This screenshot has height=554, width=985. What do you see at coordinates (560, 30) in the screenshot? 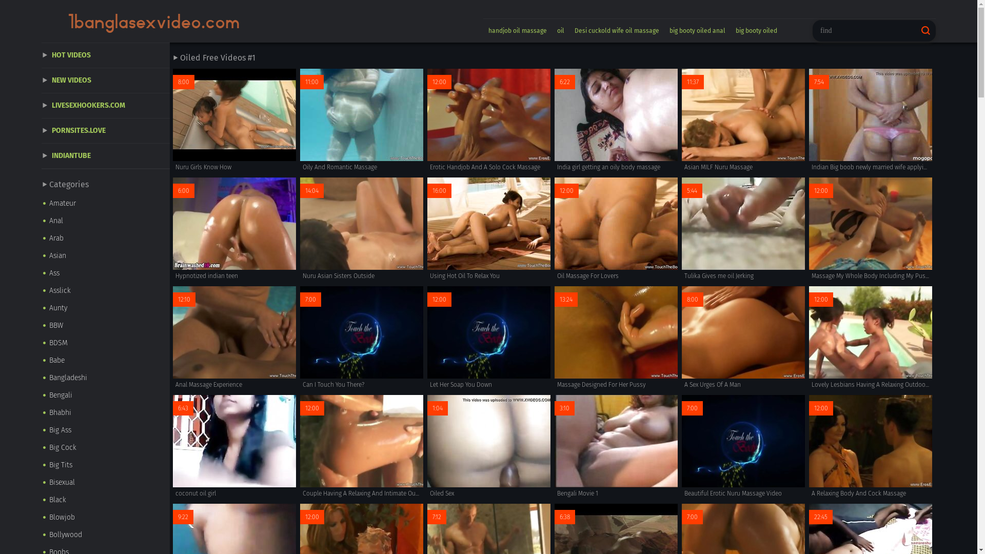
I see `'oil'` at bounding box center [560, 30].